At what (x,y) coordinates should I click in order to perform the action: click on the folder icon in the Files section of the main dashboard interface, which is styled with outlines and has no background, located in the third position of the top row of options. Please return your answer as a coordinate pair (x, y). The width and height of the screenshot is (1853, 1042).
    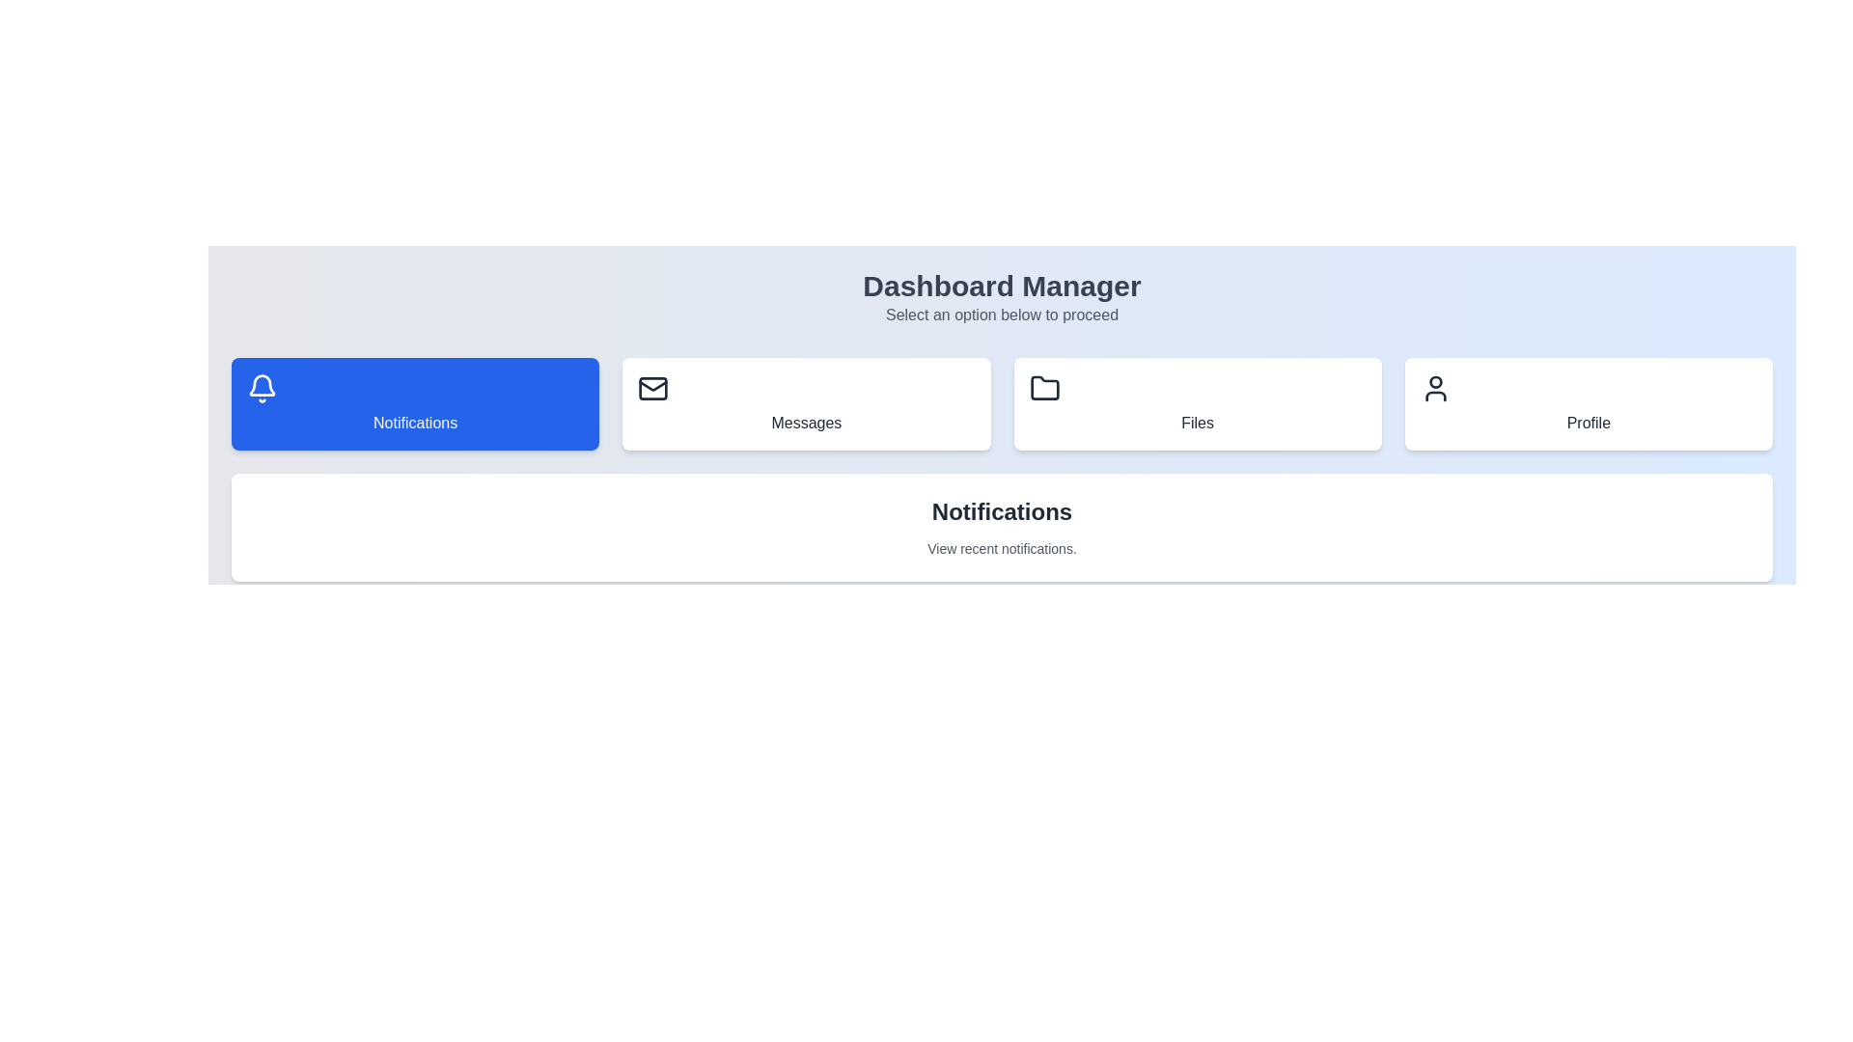
    Looking at the image, I should click on (1043, 388).